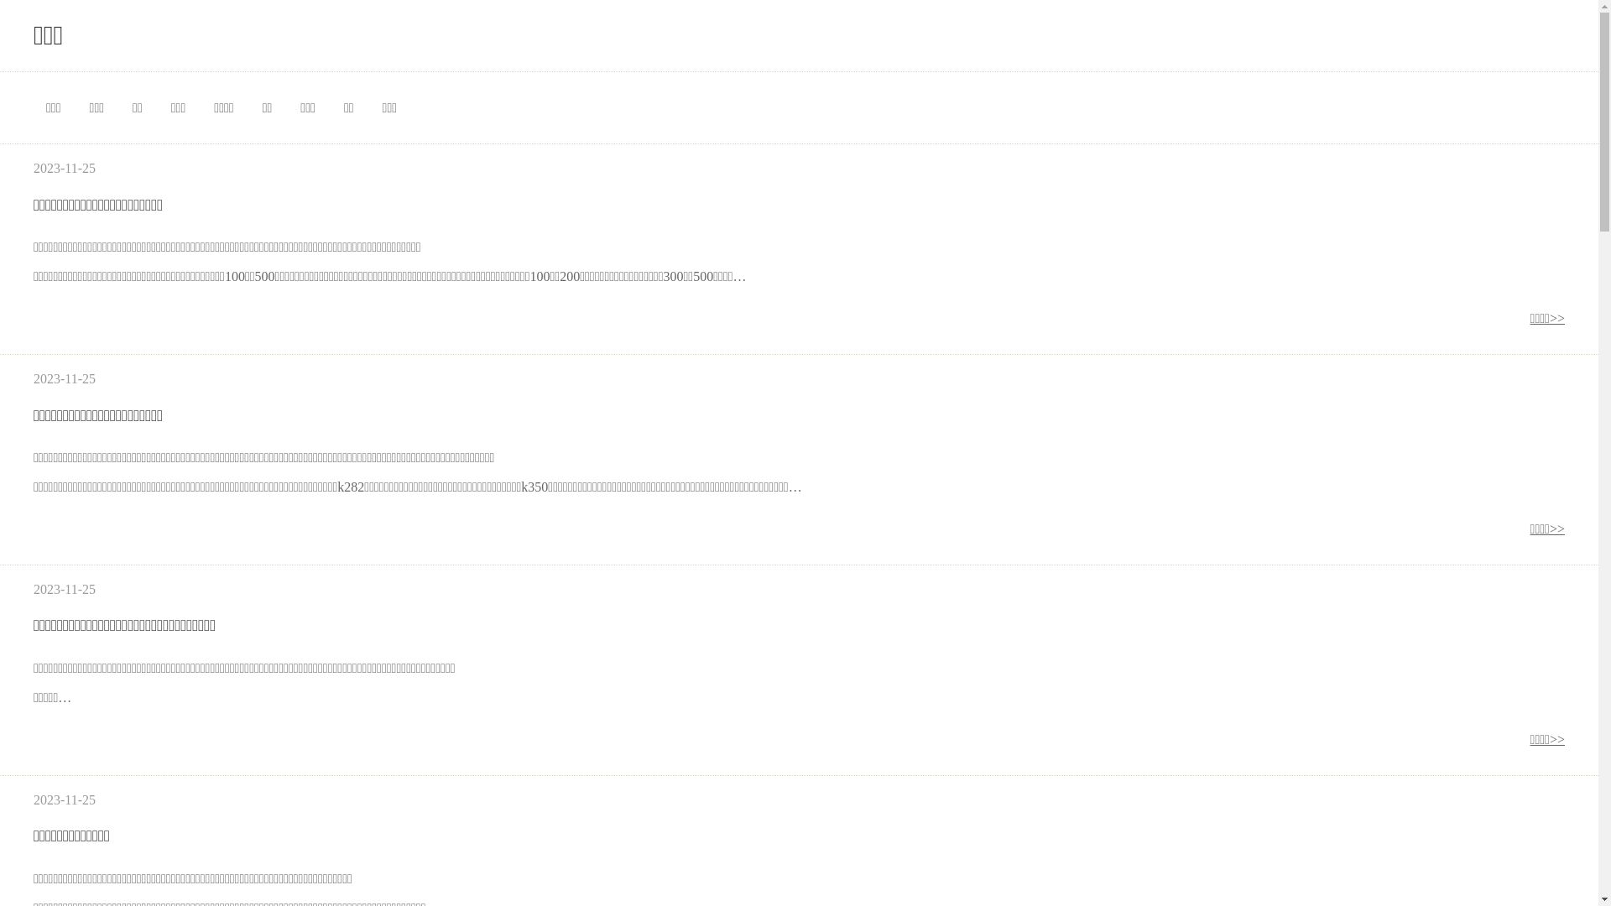  Describe the element at coordinates (64, 168) in the screenshot. I see `'2023-11-25'` at that location.